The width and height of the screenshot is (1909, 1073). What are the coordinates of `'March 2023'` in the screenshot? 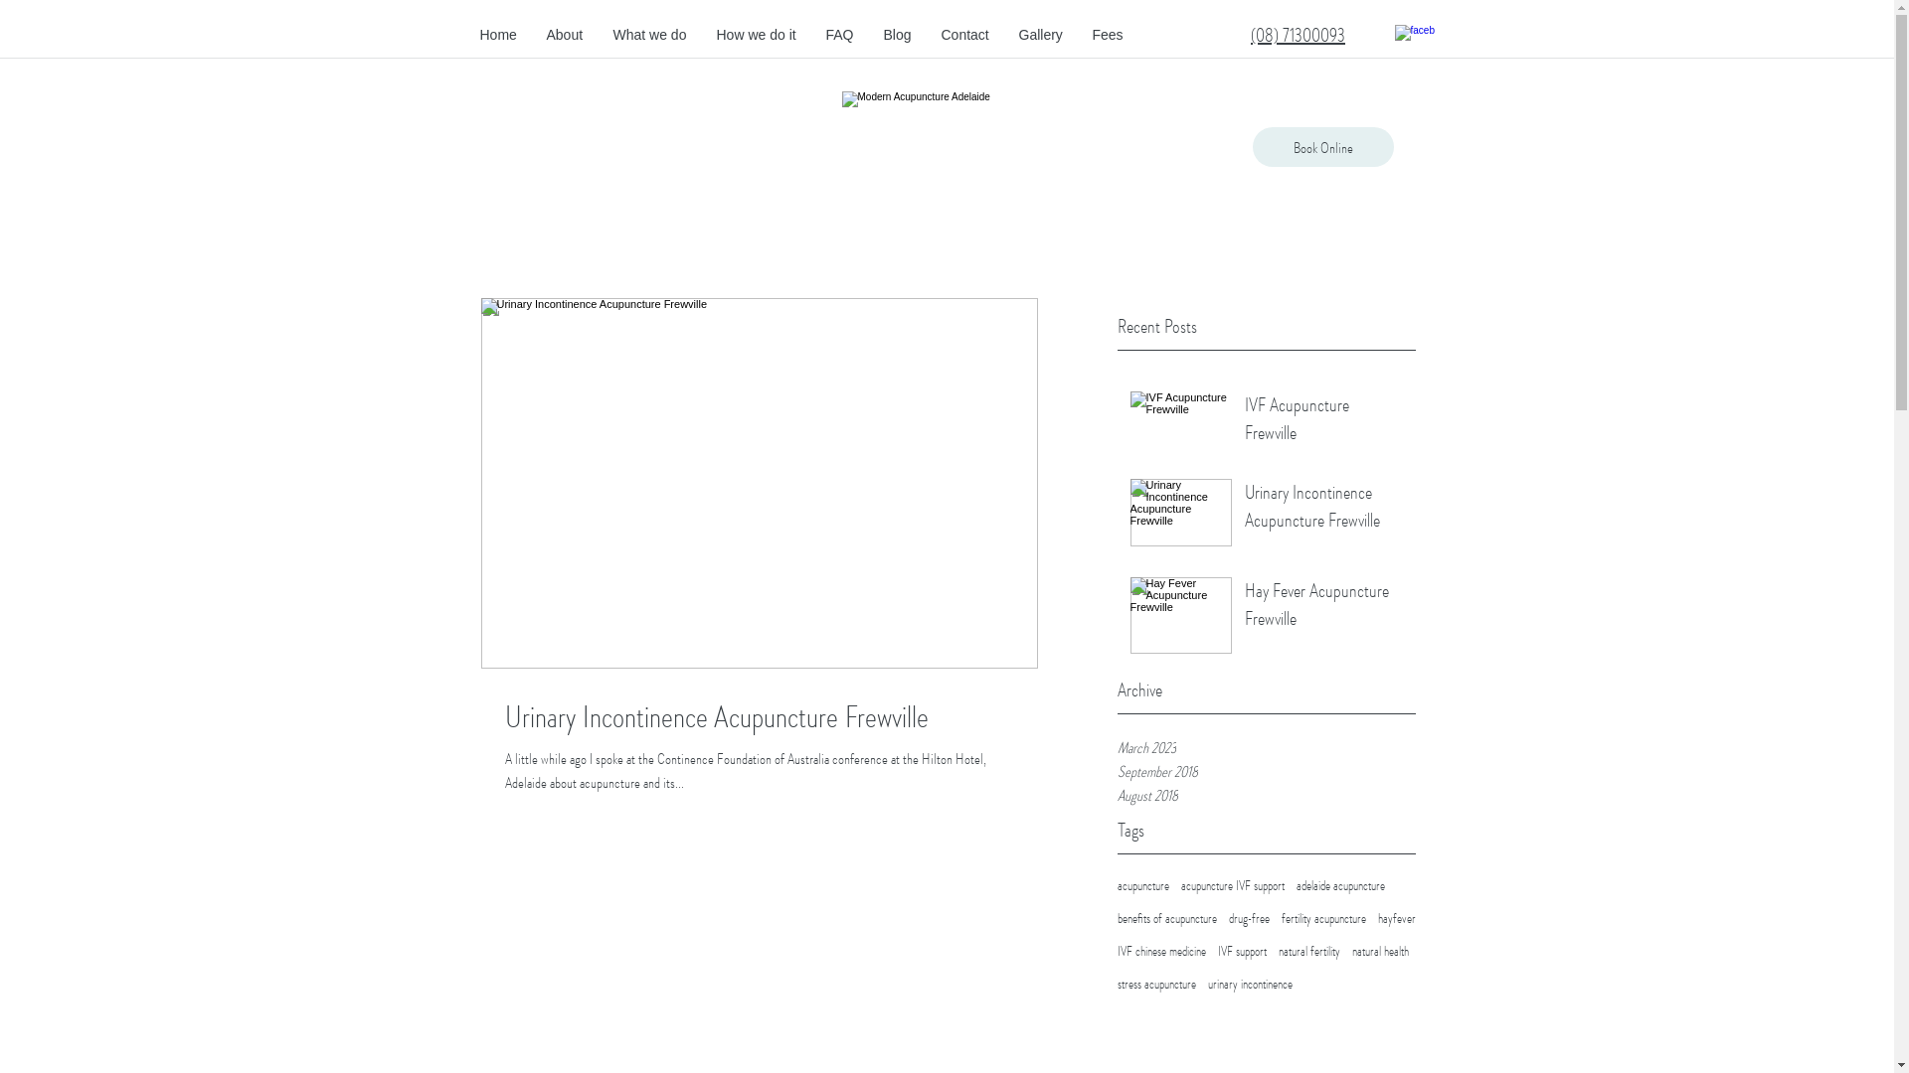 It's located at (1265, 747).